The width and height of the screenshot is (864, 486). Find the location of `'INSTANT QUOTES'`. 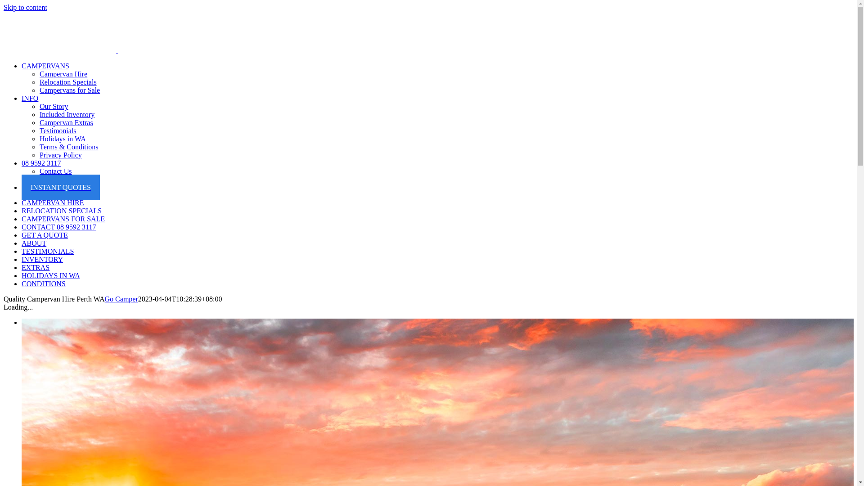

'INSTANT QUOTES' is located at coordinates (60, 187).